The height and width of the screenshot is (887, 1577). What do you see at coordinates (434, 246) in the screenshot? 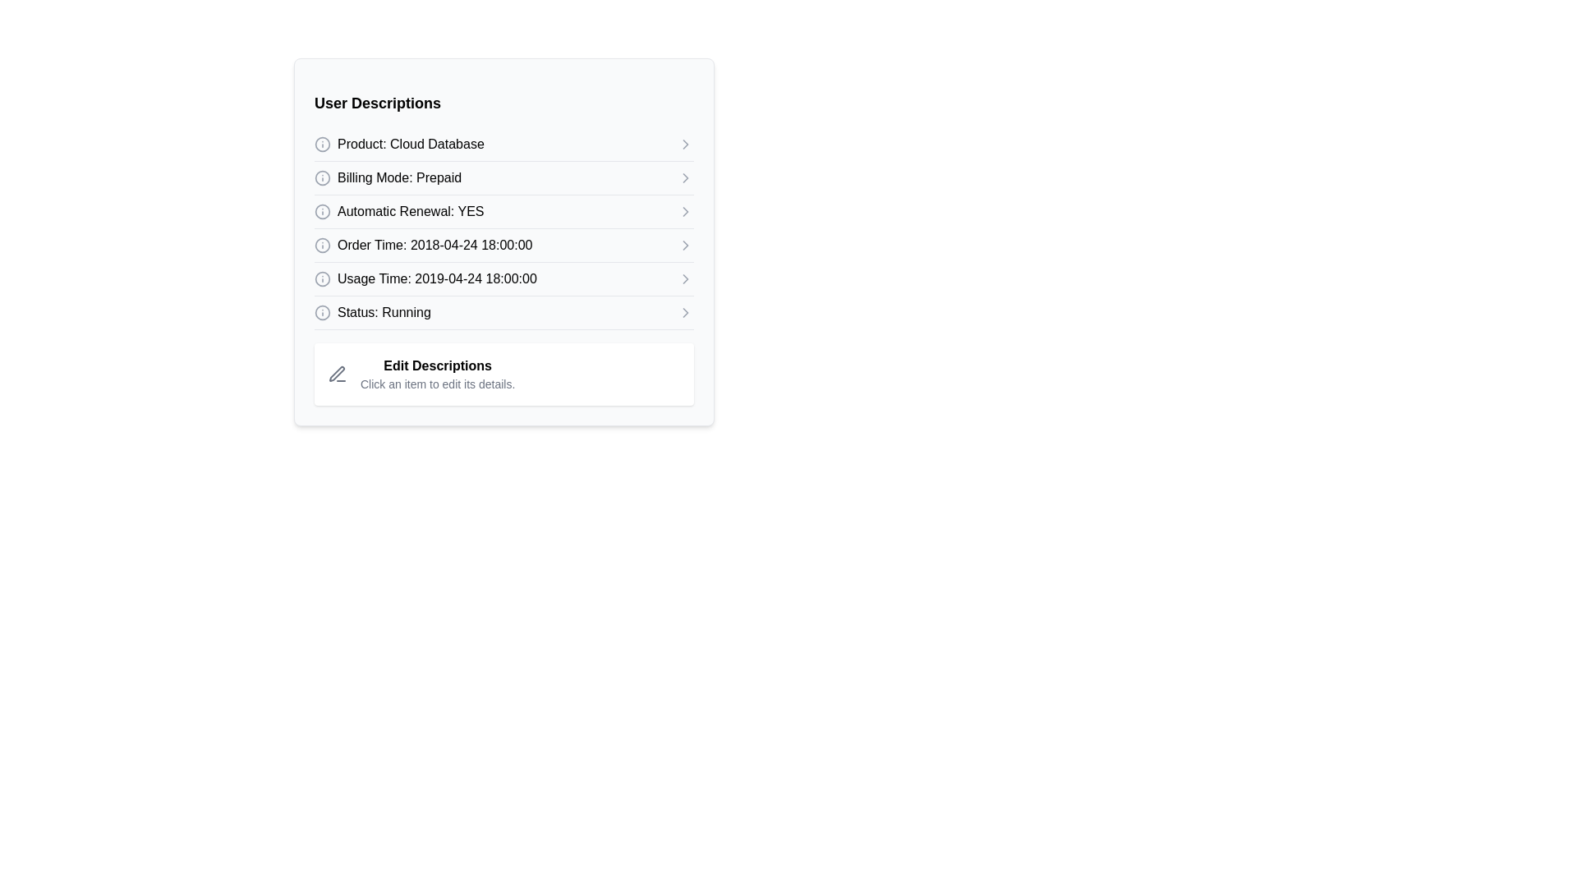
I see `the fourth text label in the 'User Descriptions' panel that conveys the order time information, located between 'Automatic Renewal: YES' and 'Usage Time: 2019-04-24 18:00:00'` at bounding box center [434, 246].